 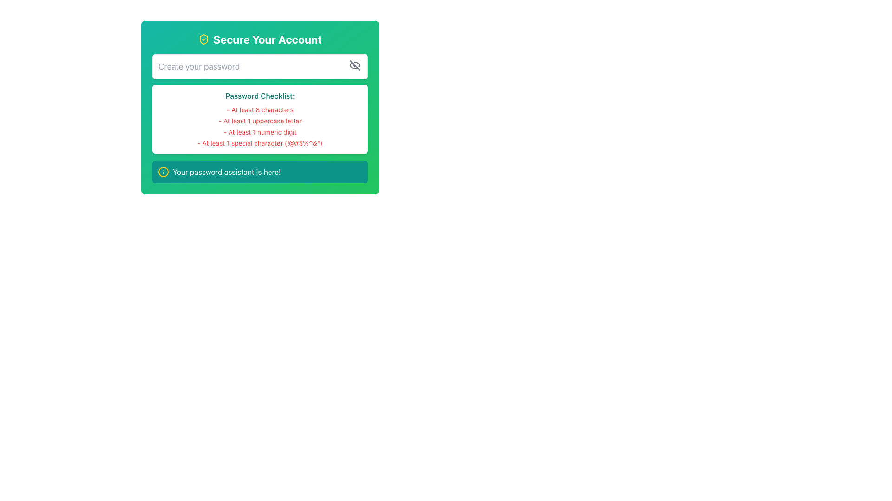 What do you see at coordinates (260, 96) in the screenshot?
I see `the Text Label that serves as a header for the password checklist, which is located in the central part of the interface above the checklist items` at bounding box center [260, 96].